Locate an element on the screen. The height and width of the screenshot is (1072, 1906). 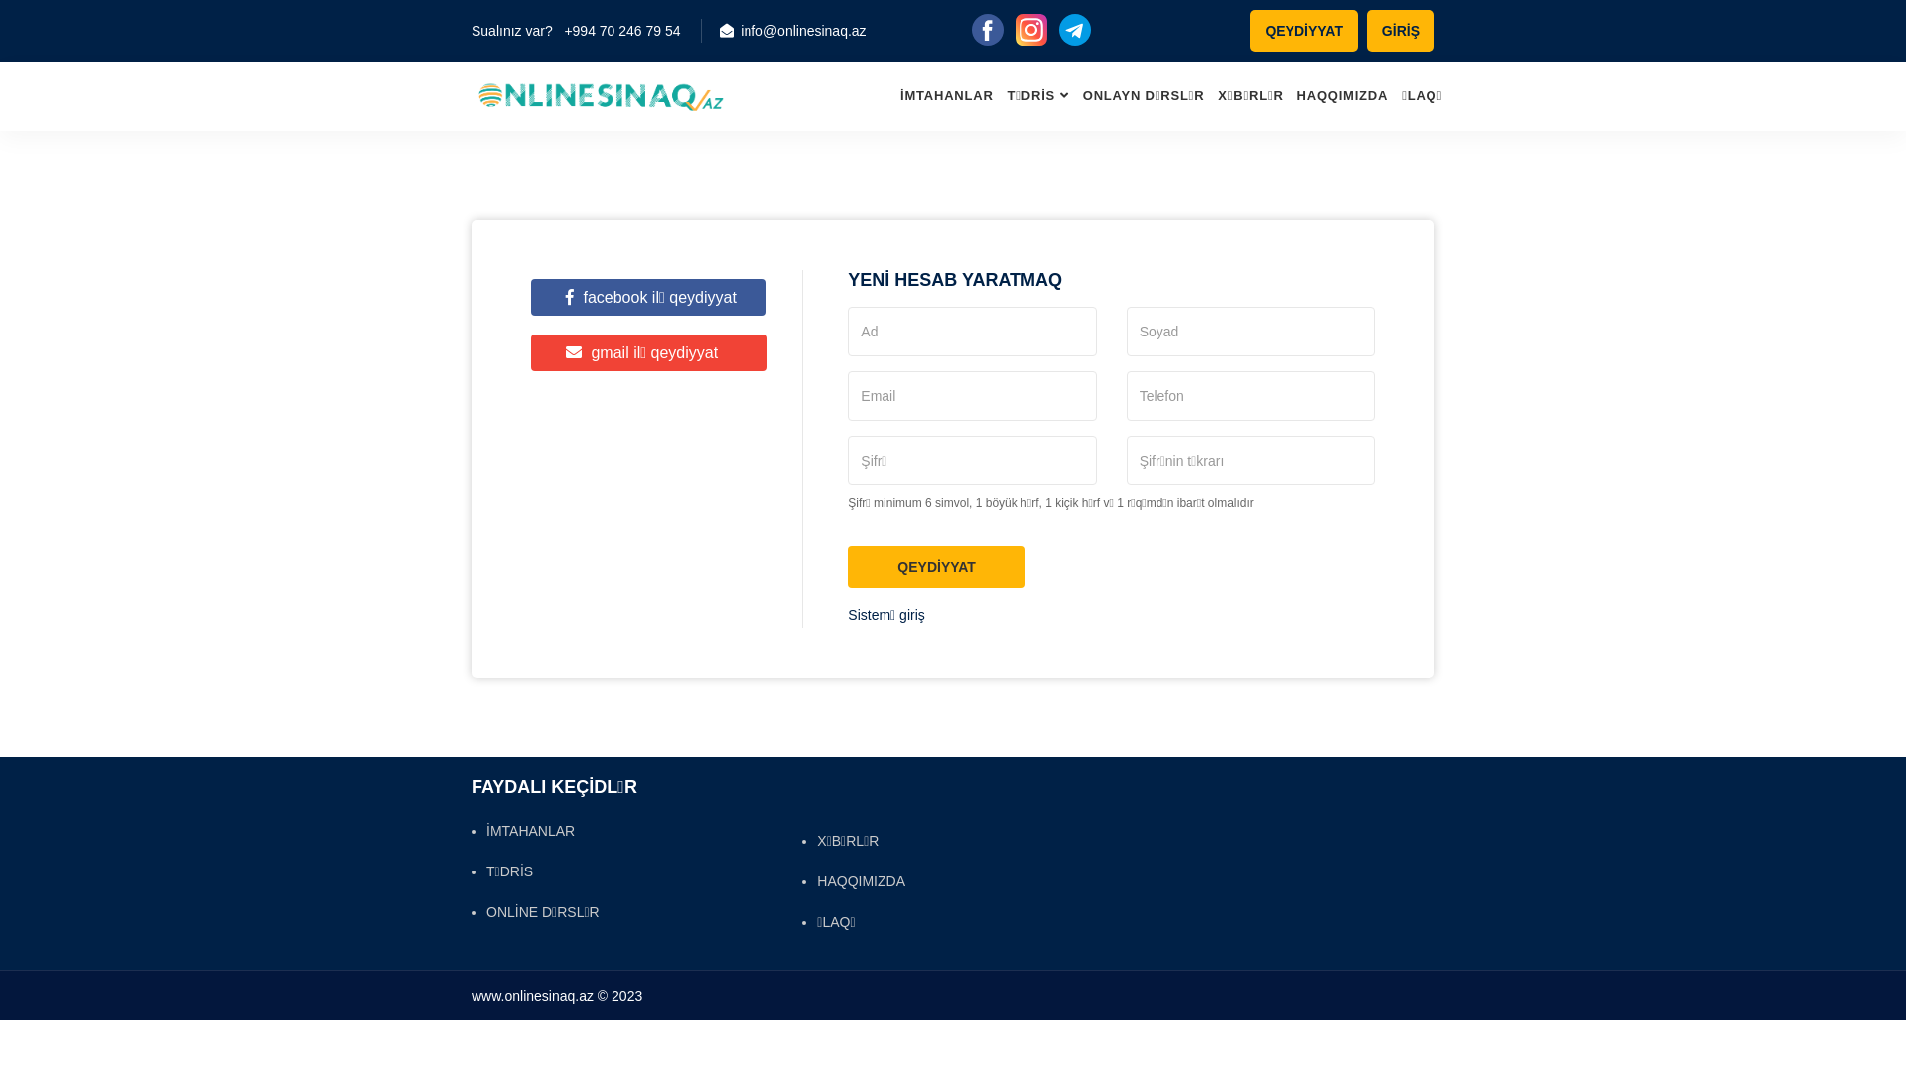
'HAQQIMIZDA' is located at coordinates (853, 879).